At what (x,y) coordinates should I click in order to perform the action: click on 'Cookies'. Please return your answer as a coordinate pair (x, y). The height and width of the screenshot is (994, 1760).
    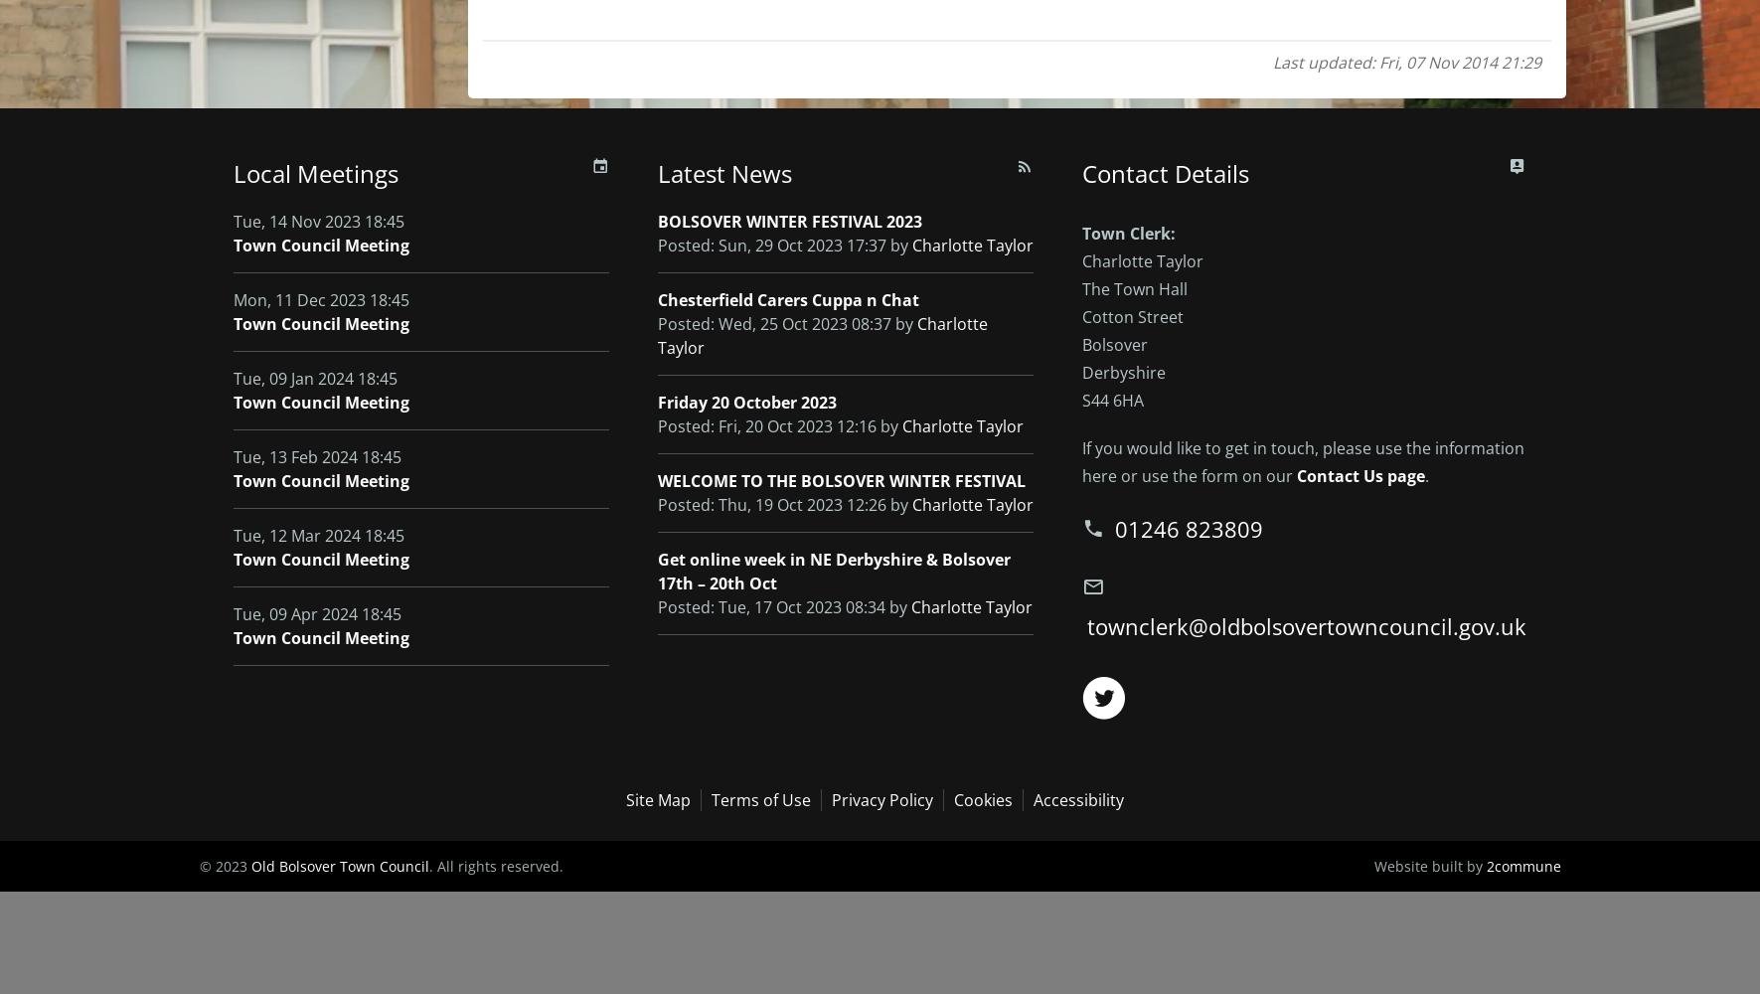
    Looking at the image, I should click on (983, 799).